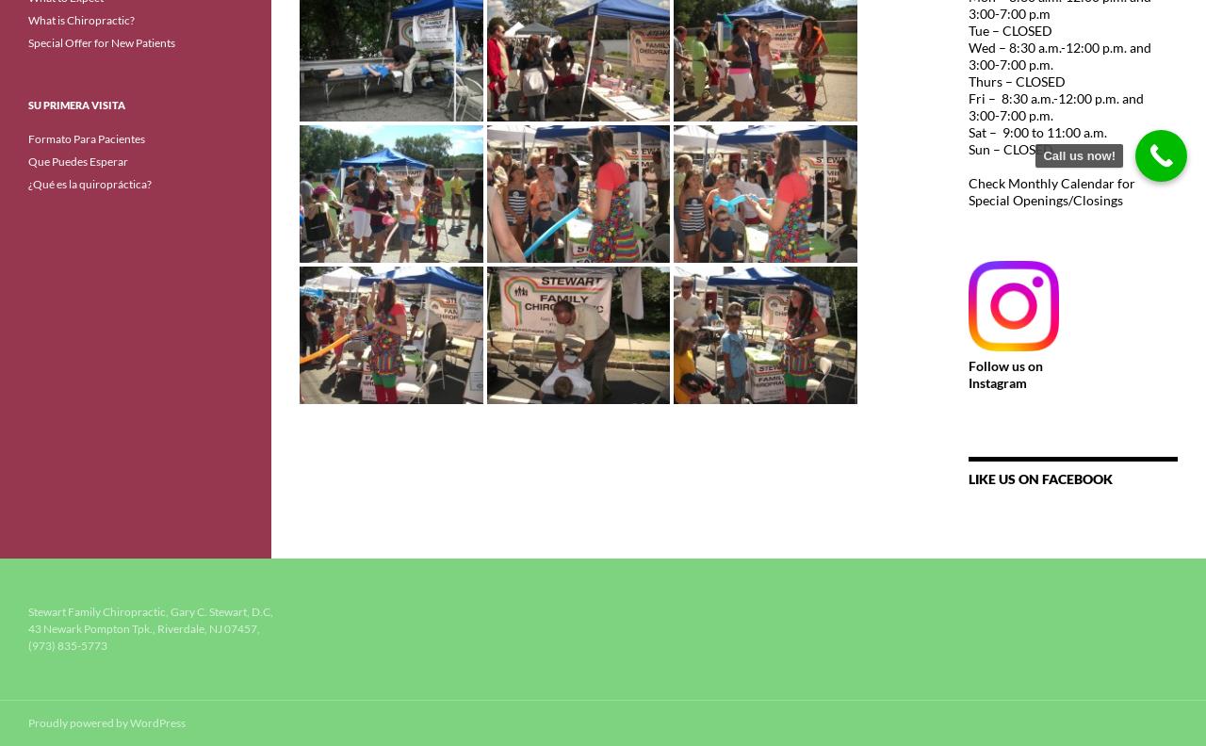 This screenshot has width=1206, height=746. Describe the element at coordinates (106, 722) in the screenshot. I see `'Proudly powered by WordPress'` at that location.